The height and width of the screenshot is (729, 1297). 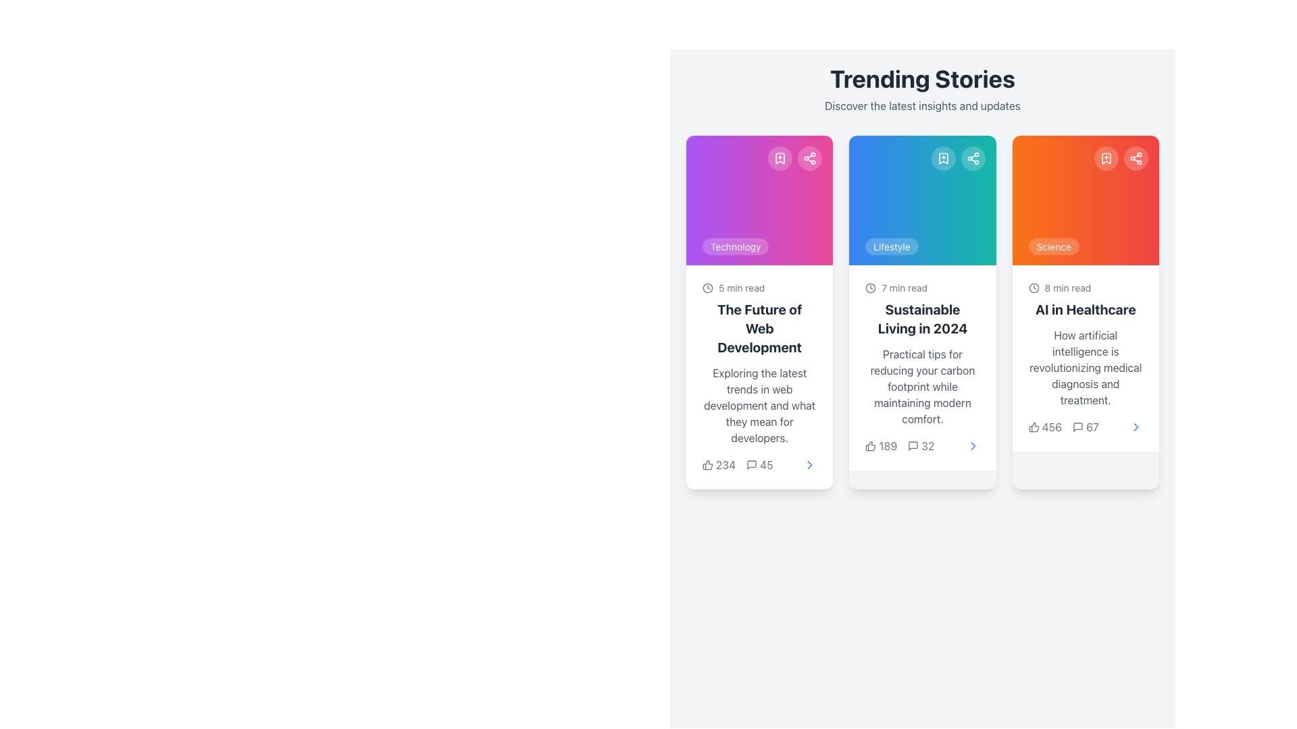 What do you see at coordinates (920, 446) in the screenshot?
I see `the read-only label displaying the numerical value '32' next to a speech bubble icon, which is styled in gray and located at the bottom of the card titled 'Sustainable Living in 2024'` at bounding box center [920, 446].